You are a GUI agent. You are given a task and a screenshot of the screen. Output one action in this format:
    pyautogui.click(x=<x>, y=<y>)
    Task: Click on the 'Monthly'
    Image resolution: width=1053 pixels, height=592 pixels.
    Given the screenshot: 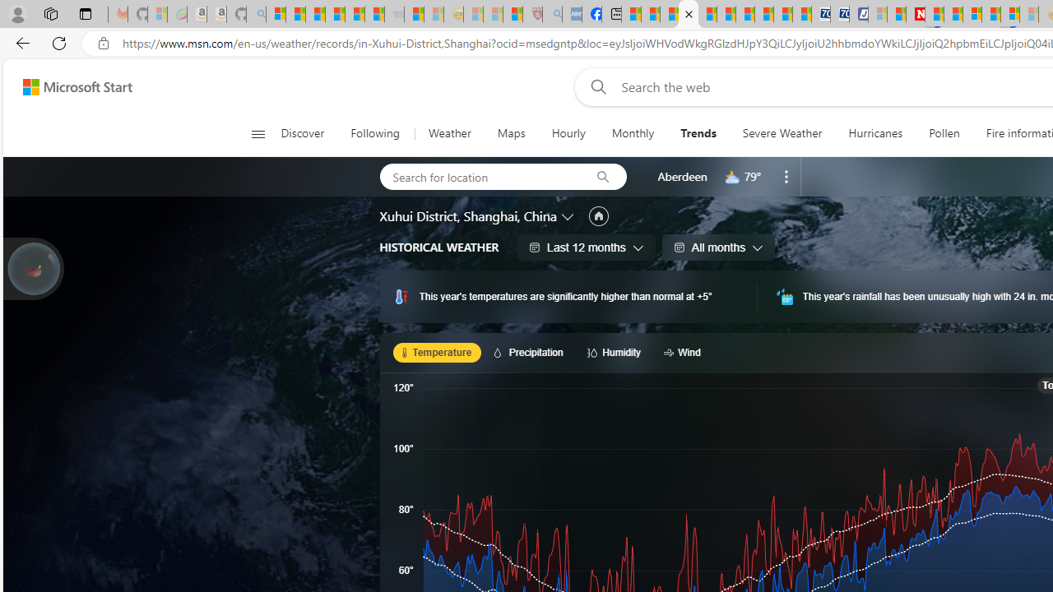 What is the action you would take?
    pyautogui.click(x=632, y=133)
    